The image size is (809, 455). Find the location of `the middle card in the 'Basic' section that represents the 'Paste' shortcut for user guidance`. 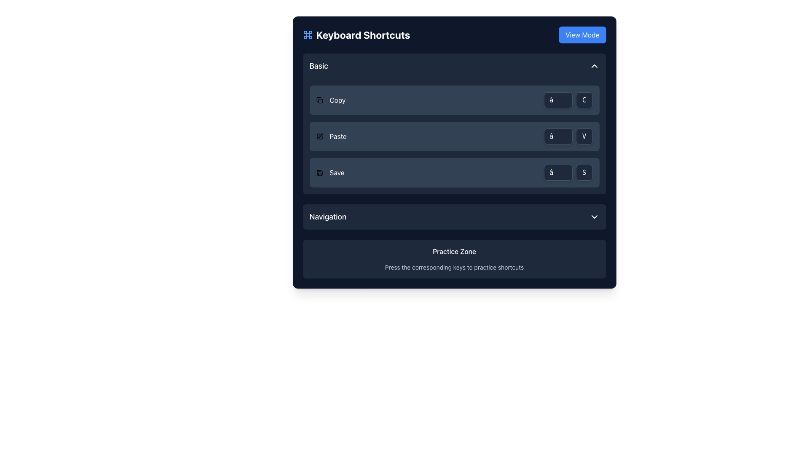

the middle card in the 'Basic' section that represents the 'Paste' shortcut for user guidance is located at coordinates (454, 136).